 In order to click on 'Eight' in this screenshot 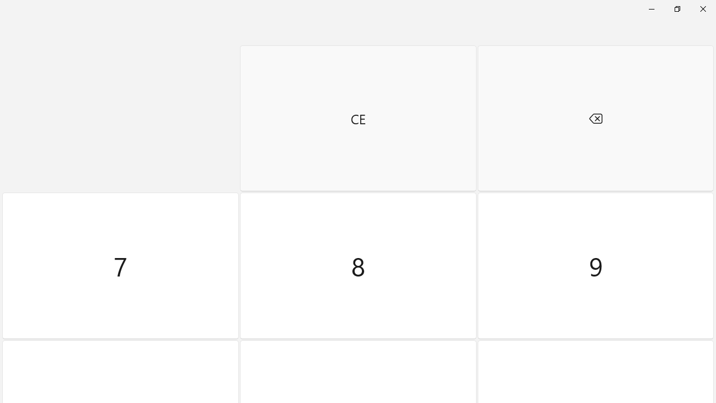, I will do `click(358, 266)`.